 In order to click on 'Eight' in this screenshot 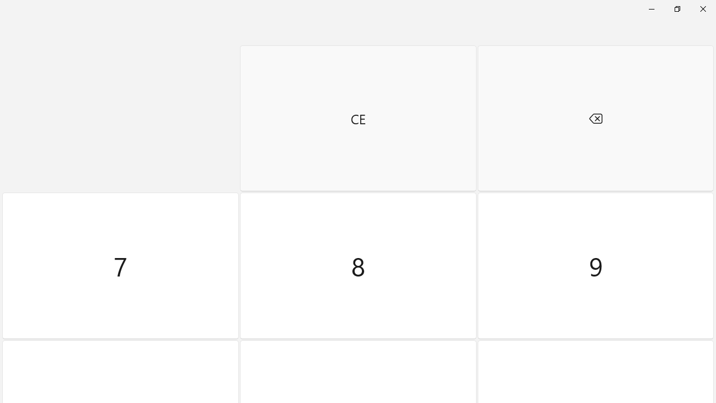, I will do `click(358, 266)`.